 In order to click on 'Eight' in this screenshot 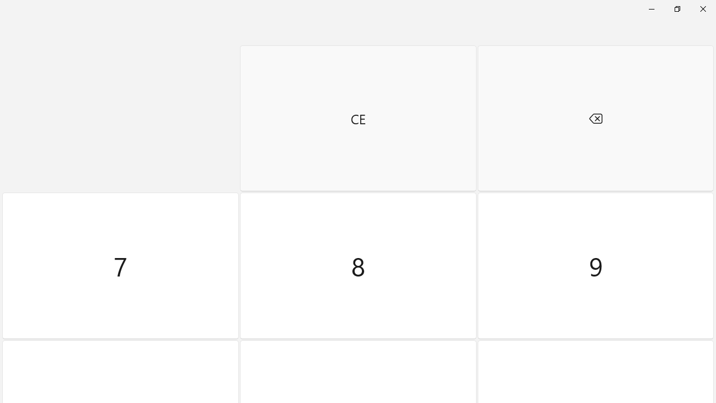, I will do `click(358, 266)`.